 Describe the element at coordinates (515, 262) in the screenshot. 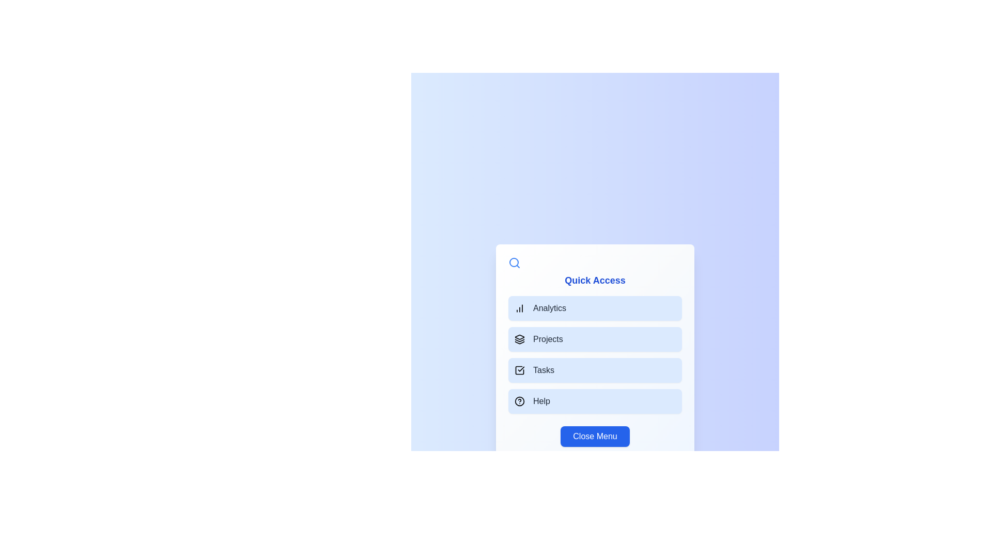

I see `the search icon in the AdvancedMenu component` at that location.